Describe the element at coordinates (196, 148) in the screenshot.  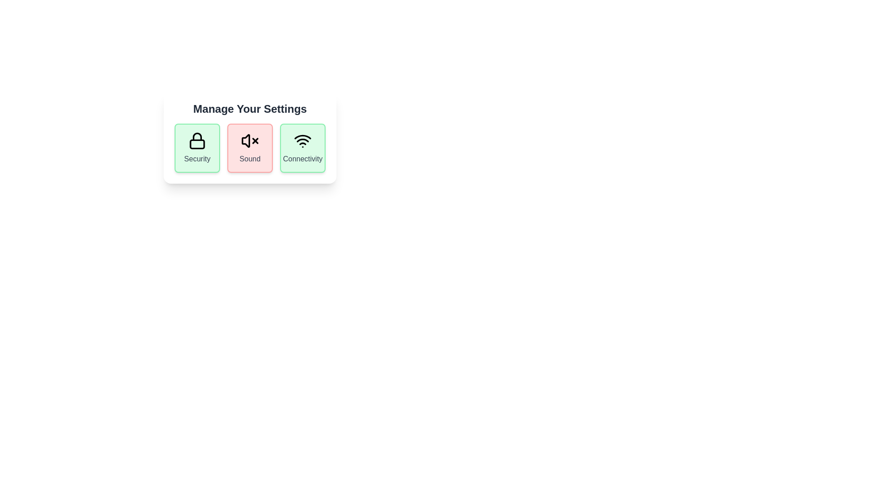
I see `the 'Security' button to toggle the setting` at that location.